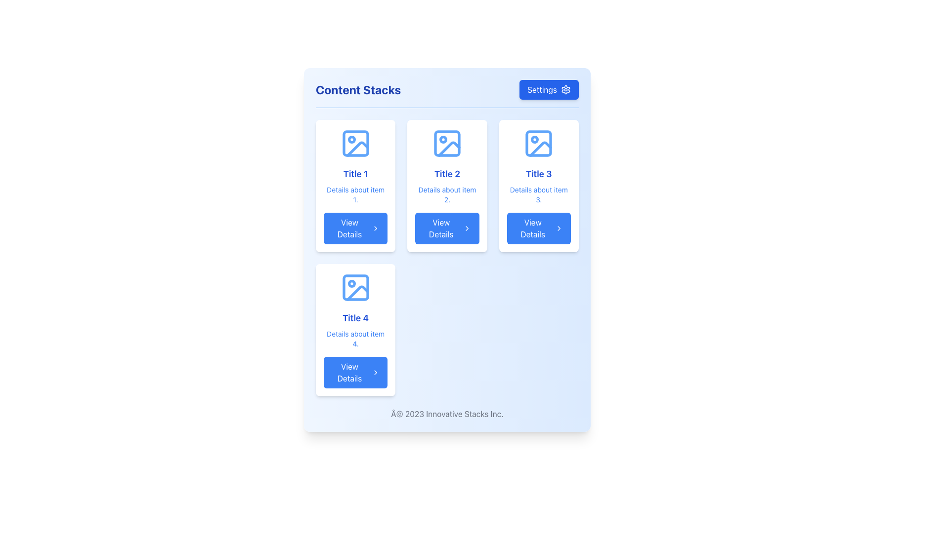 This screenshot has width=949, height=533. Describe the element at coordinates (355, 287) in the screenshot. I see `the Iconography Component representing a photo frame located in the center of the fourth card labeled 'Title 4'` at that location.